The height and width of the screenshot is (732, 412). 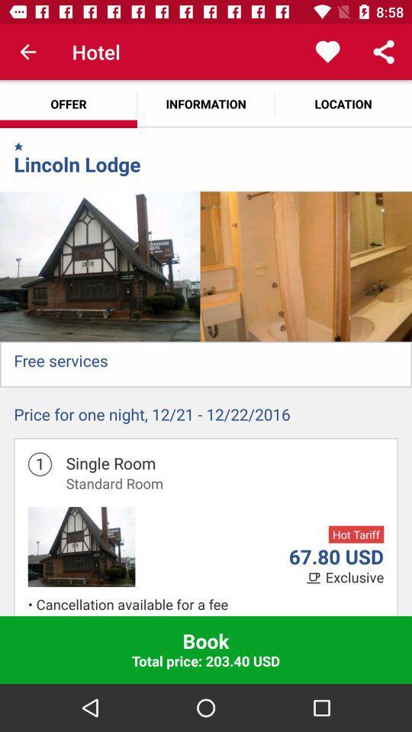 What do you see at coordinates (110, 462) in the screenshot?
I see `the icon above standard room icon` at bounding box center [110, 462].